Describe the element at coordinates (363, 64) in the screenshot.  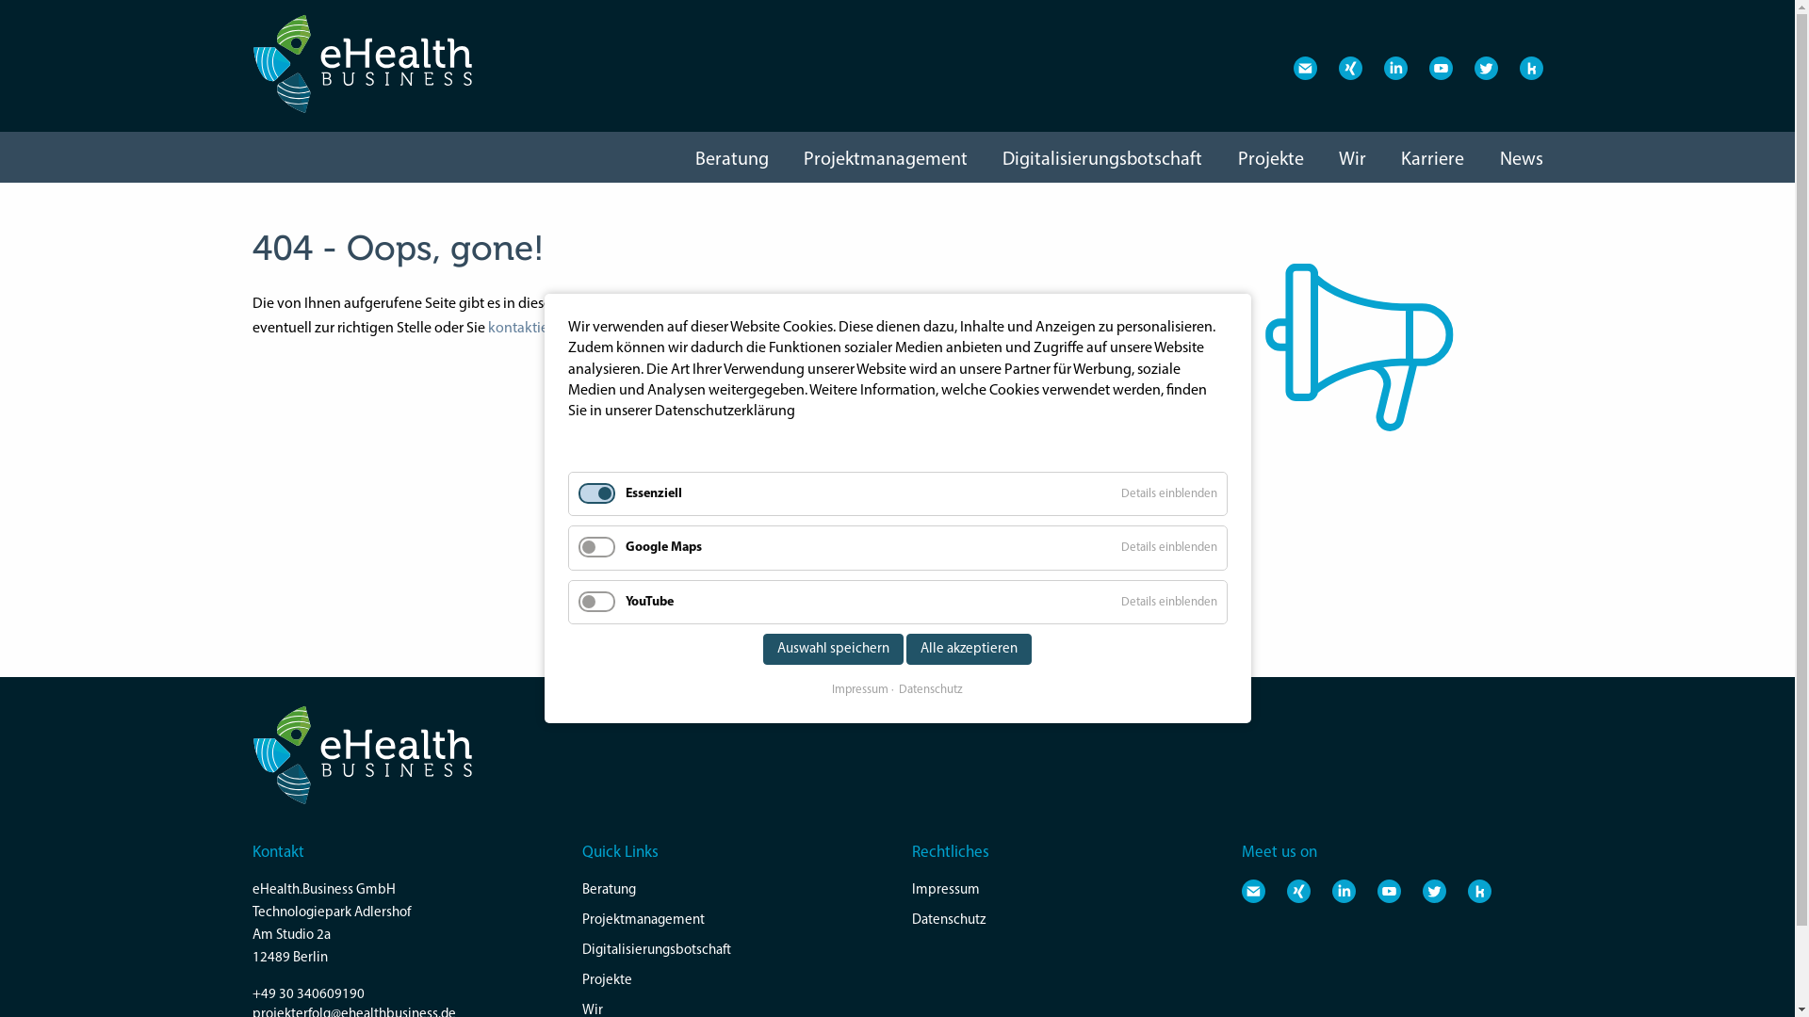
I see `'eHealth Business - Projekterfolg im Gesundheitswesen'` at that location.